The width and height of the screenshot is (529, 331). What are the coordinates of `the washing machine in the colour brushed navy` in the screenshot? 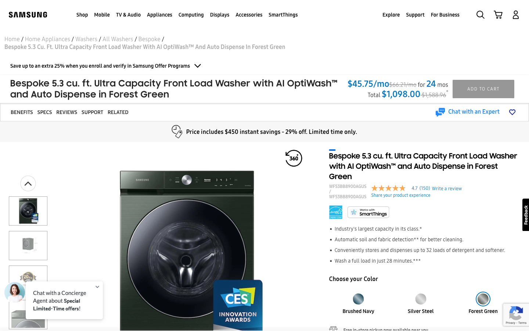 It's located at (358, 296).